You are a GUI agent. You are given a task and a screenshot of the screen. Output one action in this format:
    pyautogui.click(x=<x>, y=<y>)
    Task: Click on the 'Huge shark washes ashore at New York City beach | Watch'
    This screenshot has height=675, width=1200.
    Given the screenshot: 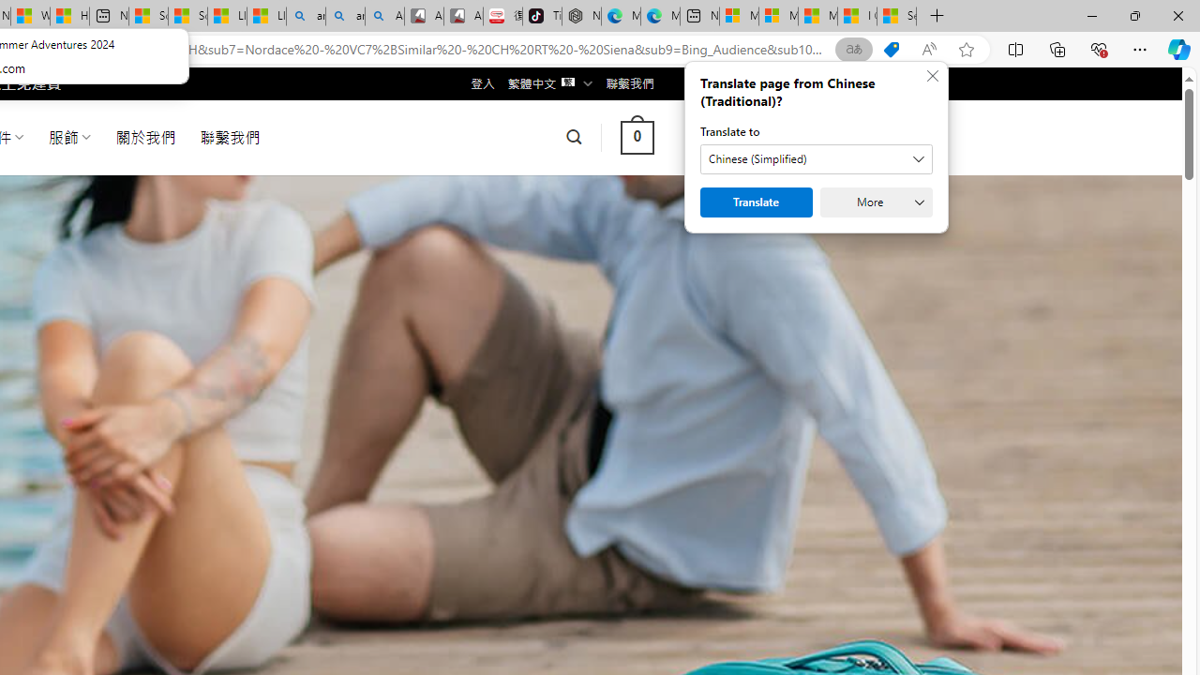 What is the action you would take?
    pyautogui.click(x=69, y=16)
    